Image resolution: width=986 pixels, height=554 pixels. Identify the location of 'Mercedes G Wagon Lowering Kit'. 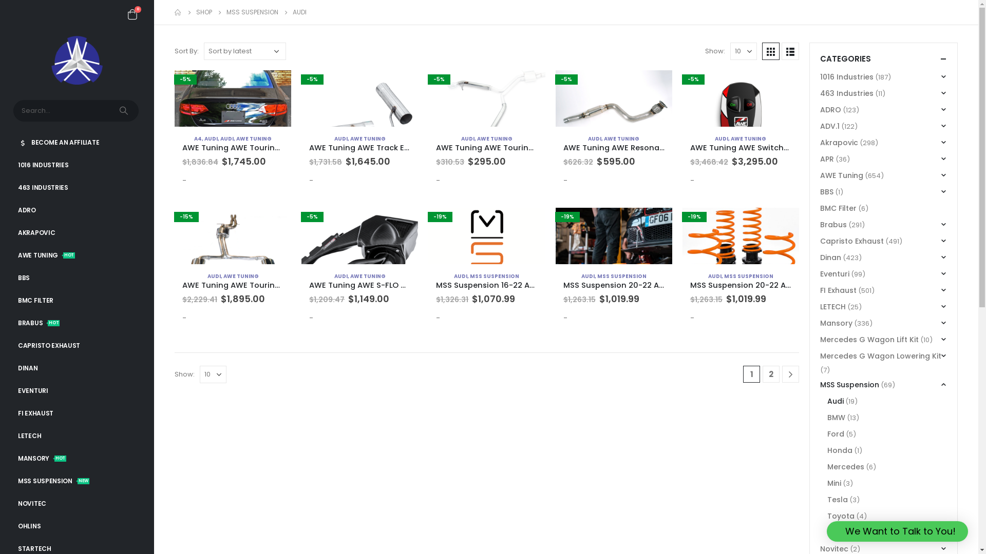
(880, 355).